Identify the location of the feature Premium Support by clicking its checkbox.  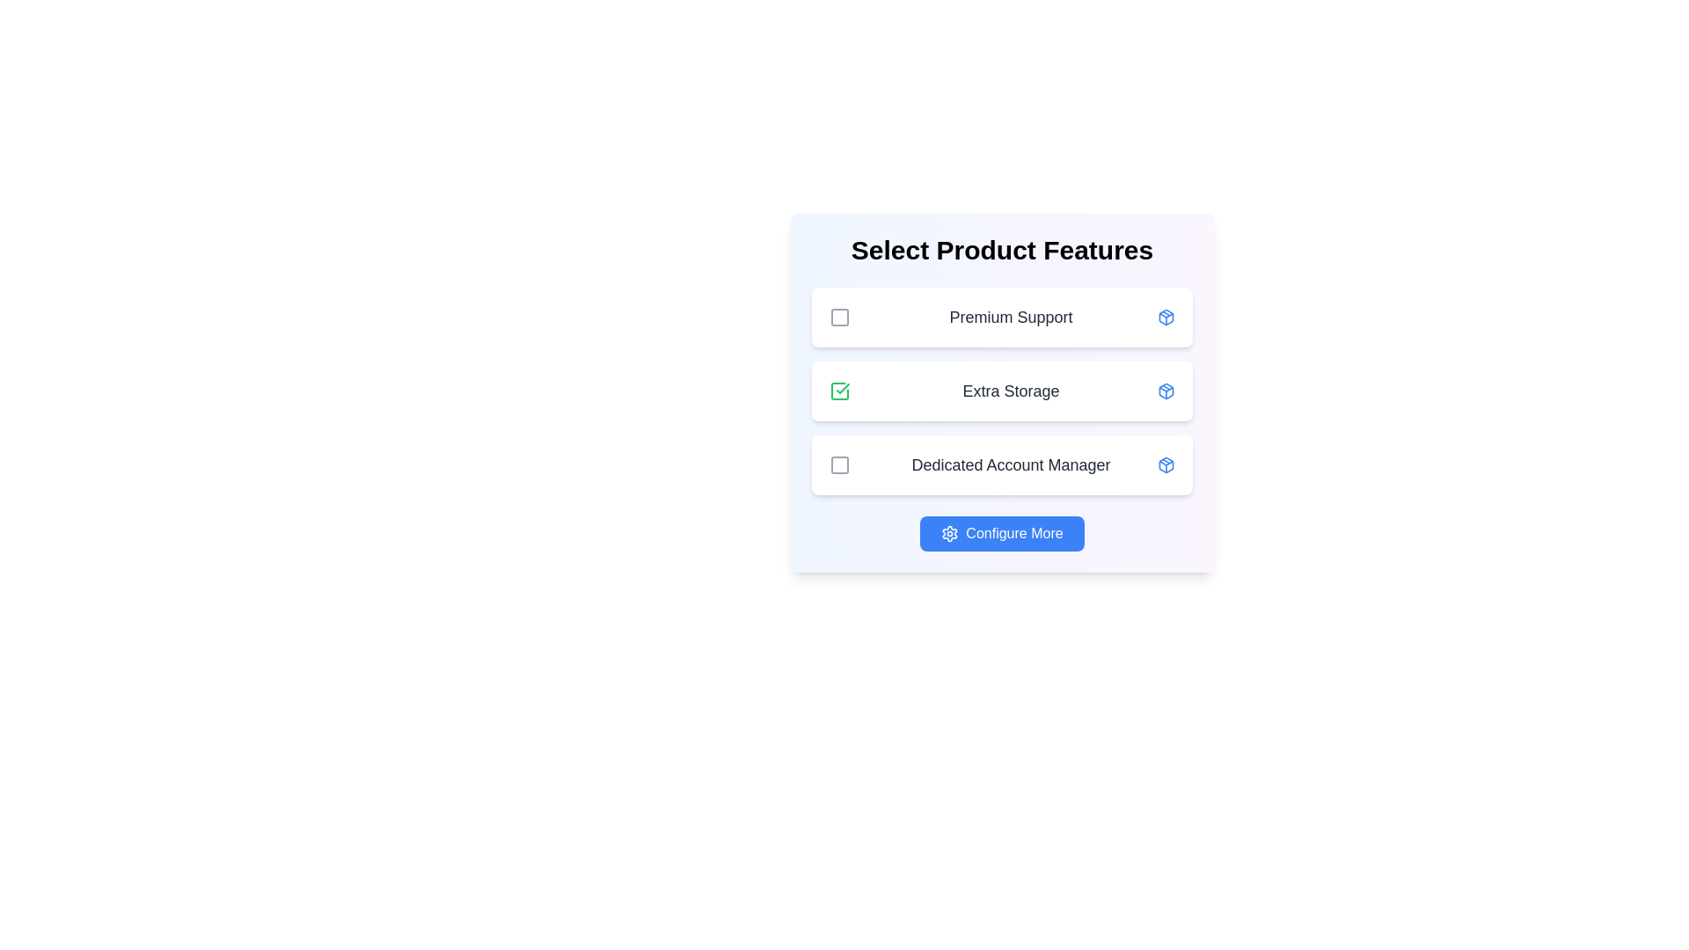
(839, 318).